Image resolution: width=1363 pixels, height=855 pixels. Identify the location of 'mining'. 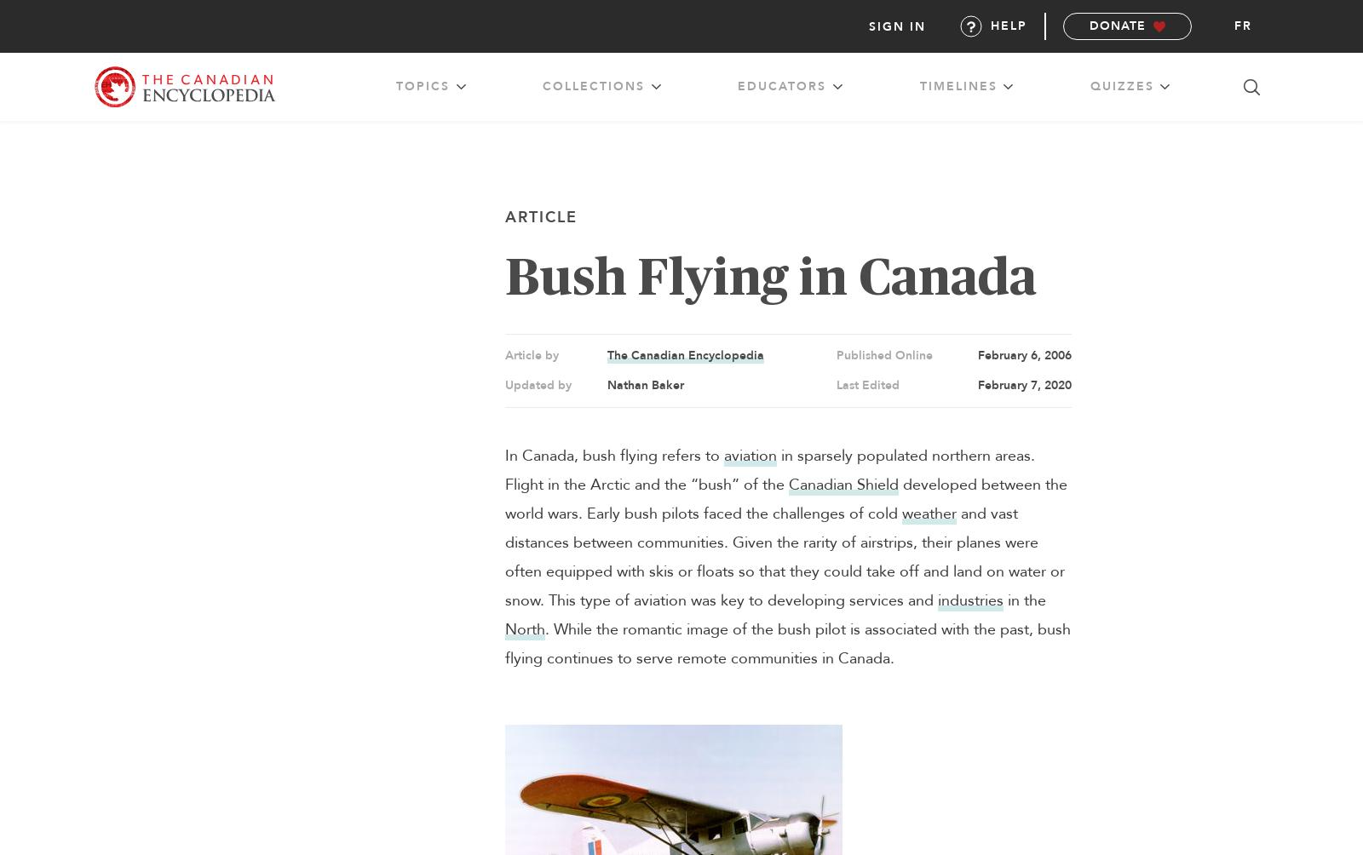
(545, 128).